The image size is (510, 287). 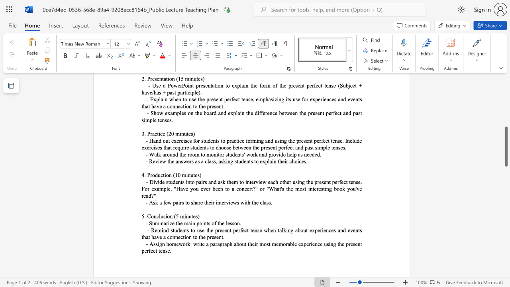 I want to click on the subset text "s the" within the text "- Divide students into pairs and ask them to interview each other using the present perfect tense. For example,", so click(x=282, y=189).